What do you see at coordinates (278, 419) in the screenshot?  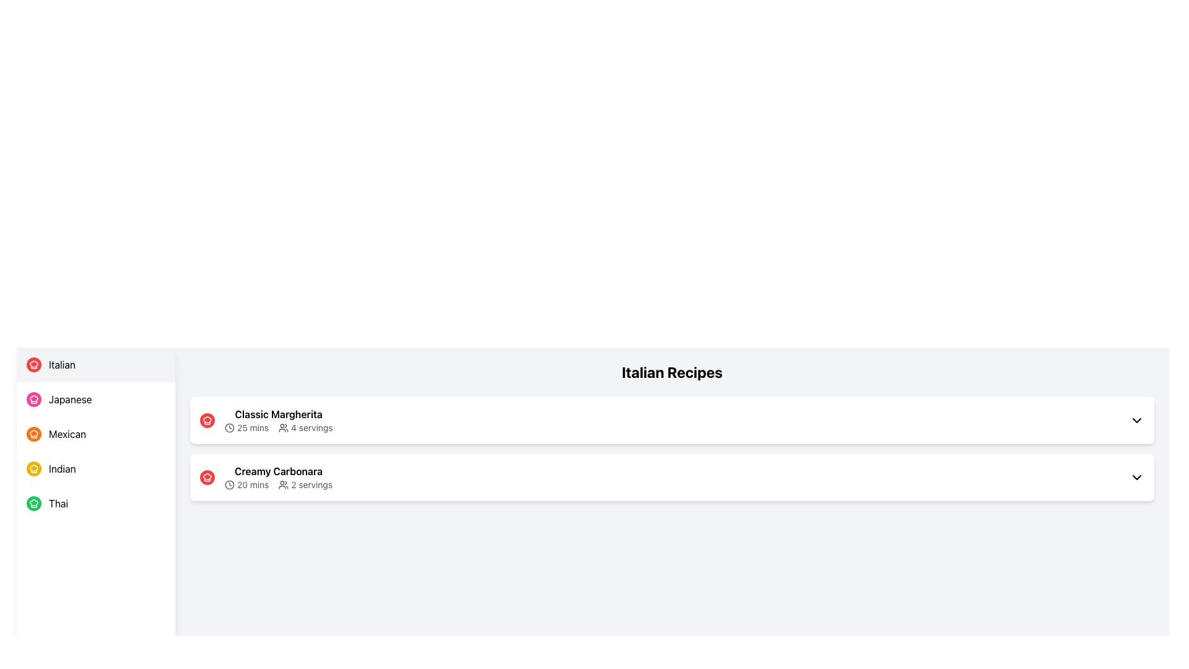 I see `the Subheader displaying the 'Classic Margherita' recipe summary, which includes its name, preparation time, and servings, located in the 'Italian Recipes' section` at bounding box center [278, 419].